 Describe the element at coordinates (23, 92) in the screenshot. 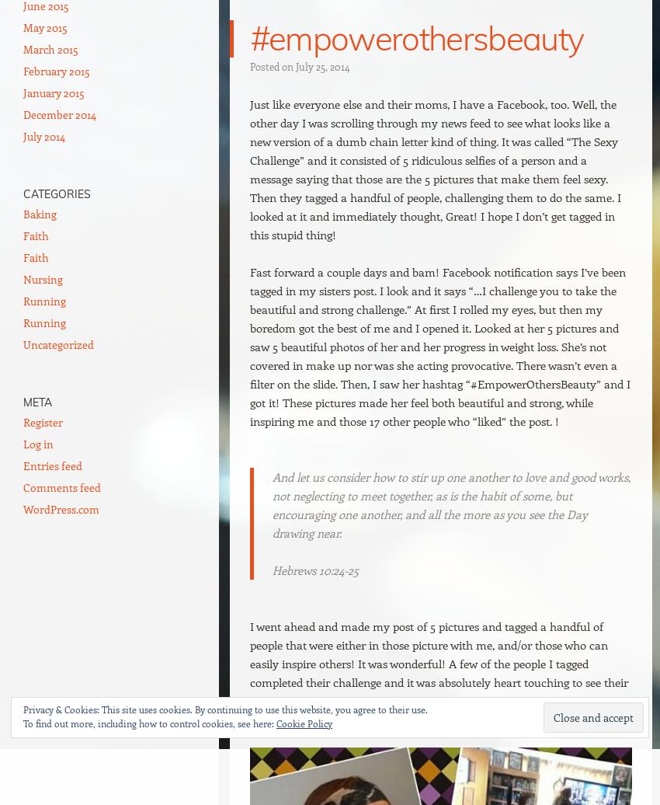

I see `'January 2015'` at that location.